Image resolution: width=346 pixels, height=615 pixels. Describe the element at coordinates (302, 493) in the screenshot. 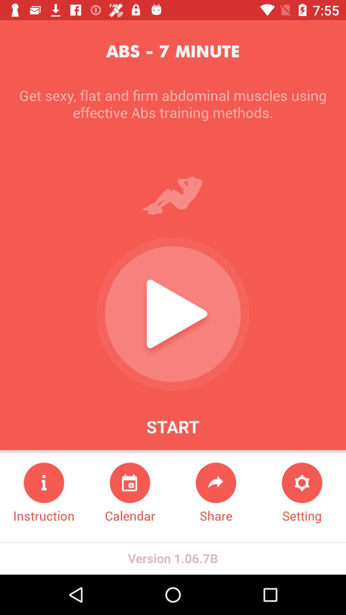

I see `icon to the right of share item` at that location.